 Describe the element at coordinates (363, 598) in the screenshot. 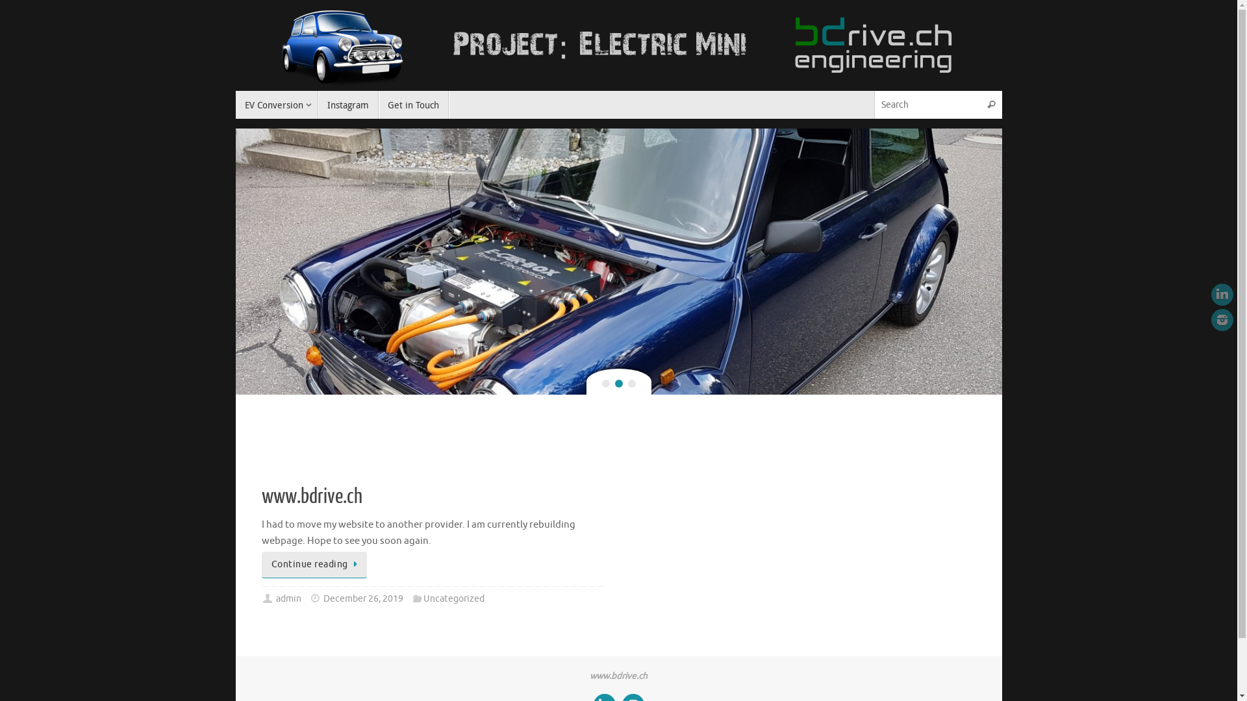

I see `'December 26, 2019'` at that location.